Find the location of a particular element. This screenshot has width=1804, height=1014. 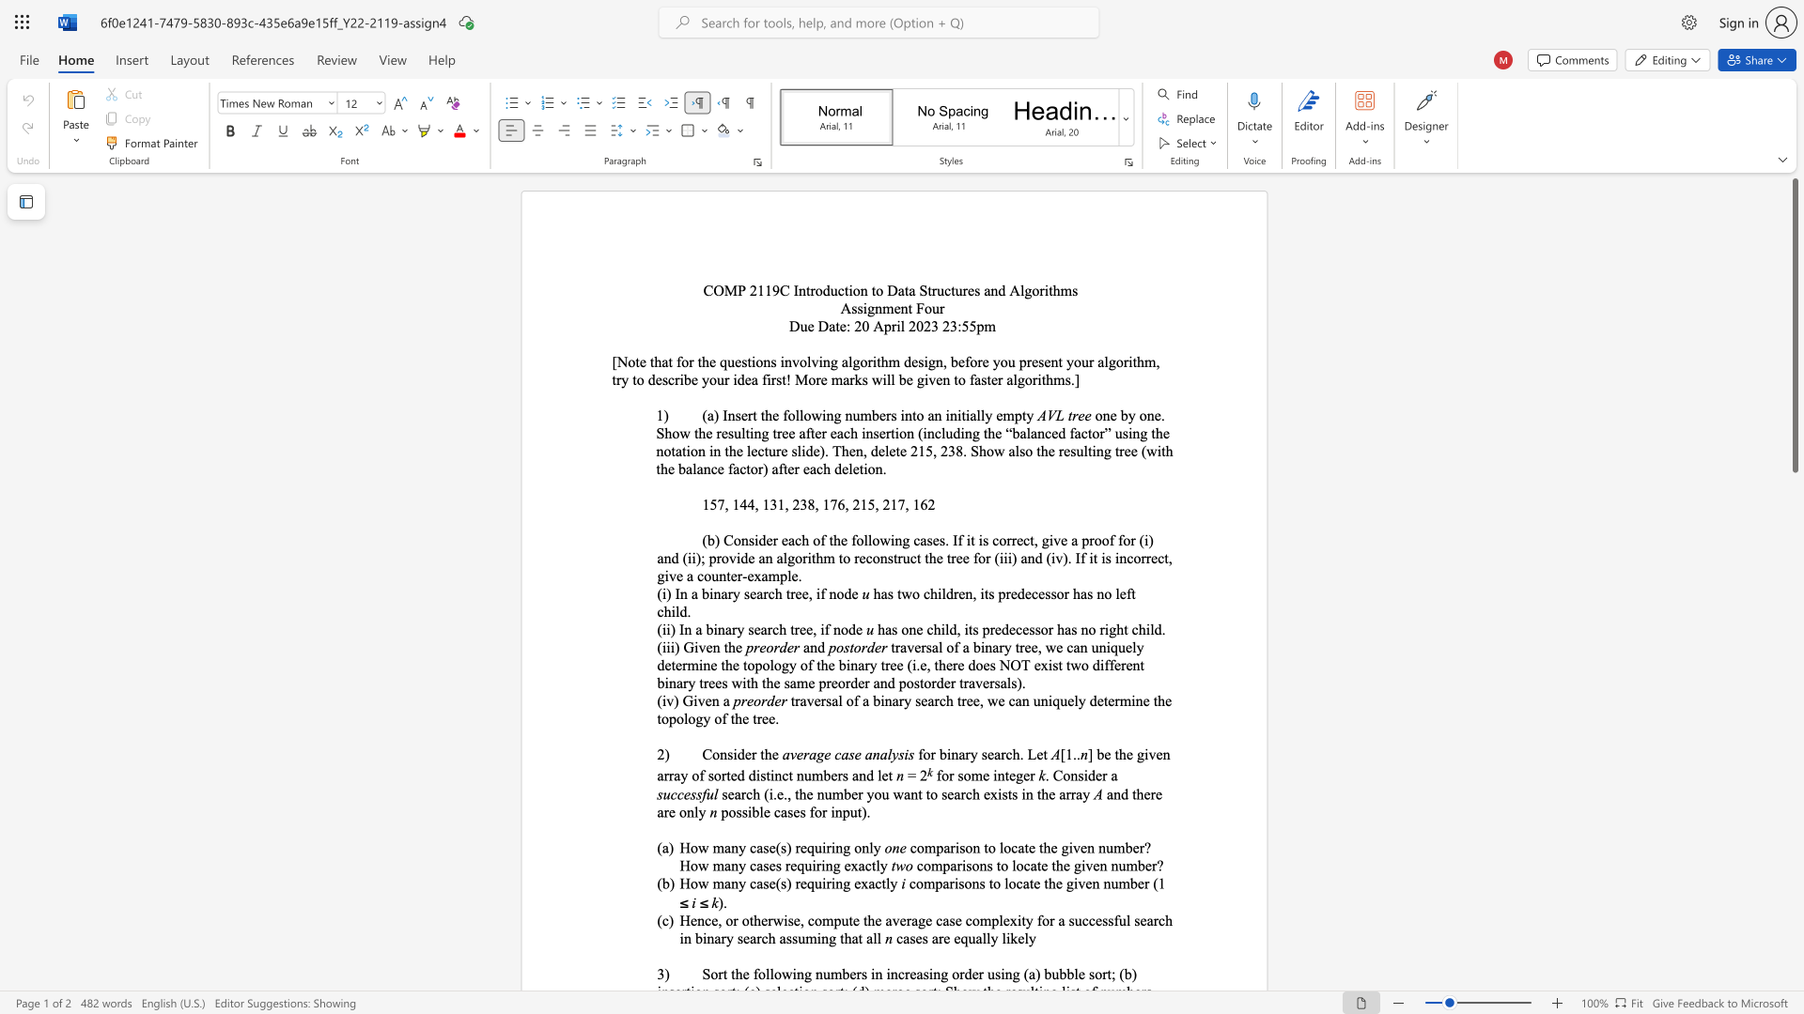

the 9th character "o" in the text is located at coordinates (723, 557).